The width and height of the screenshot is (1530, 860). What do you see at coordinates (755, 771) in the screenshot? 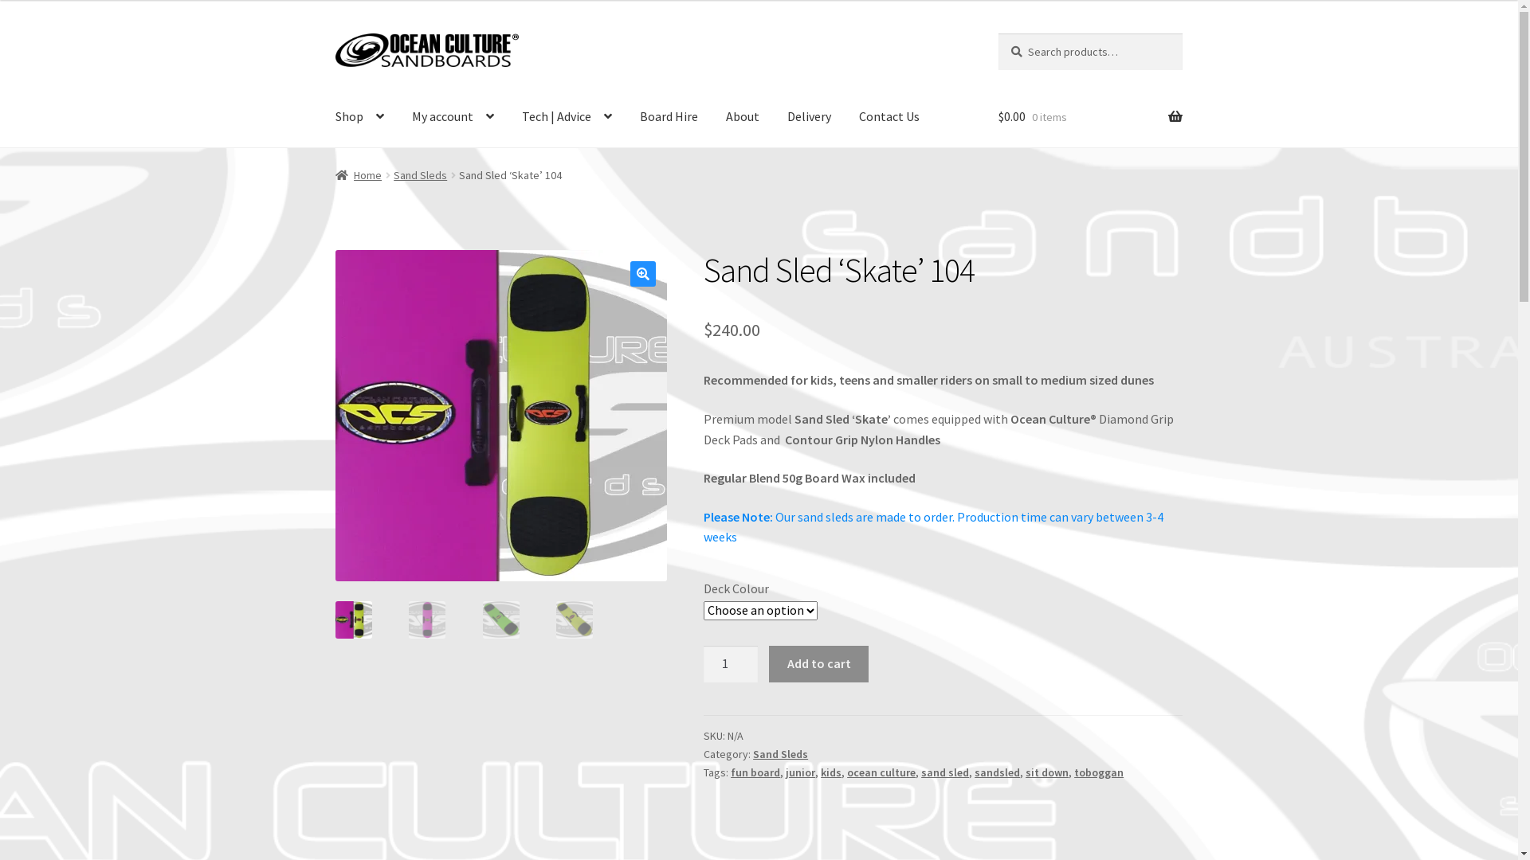
I see `'fun board'` at bounding box center [755, 771].